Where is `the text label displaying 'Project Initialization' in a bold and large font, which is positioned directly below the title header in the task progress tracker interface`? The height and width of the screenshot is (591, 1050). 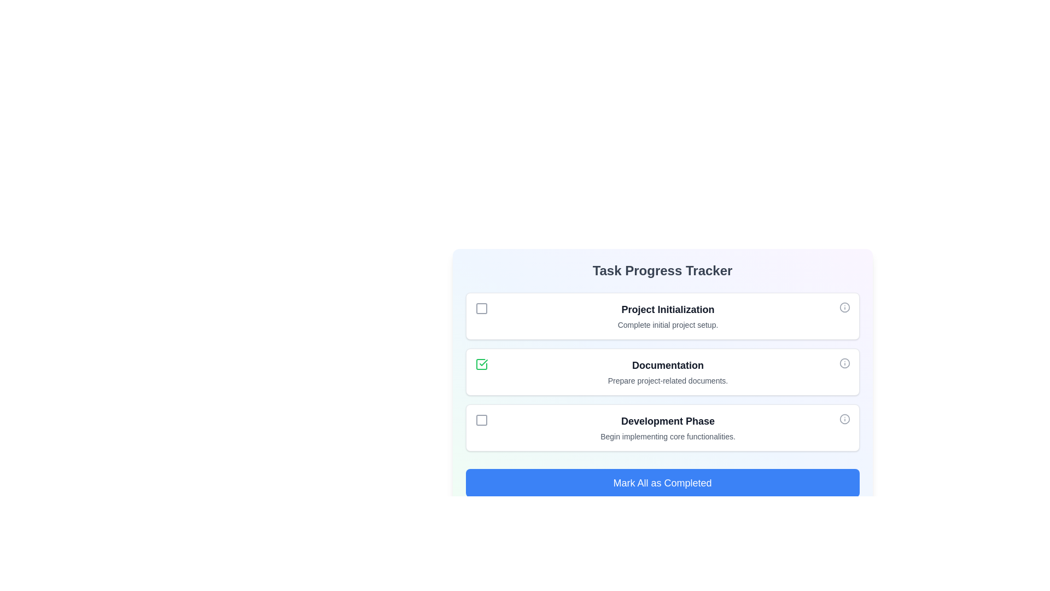 the text label displaying 'Project Initialization' in a bold and large font, which is positioned directly below the title header in the task progress tracker interface is located at coordinates (667, 310).